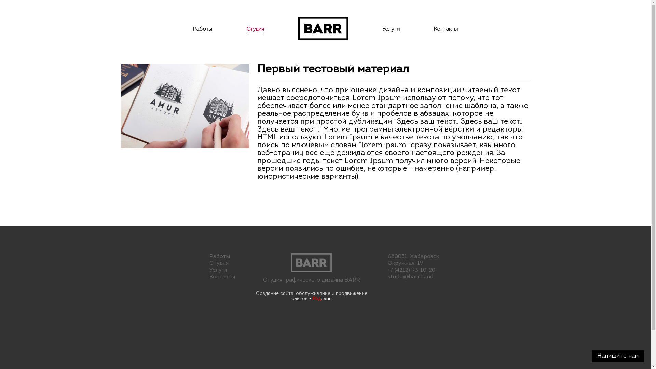 The height and width of the screenshot is (369, 656). I want to click on '+7 (4212) 93-10-20', so click(411, 270).